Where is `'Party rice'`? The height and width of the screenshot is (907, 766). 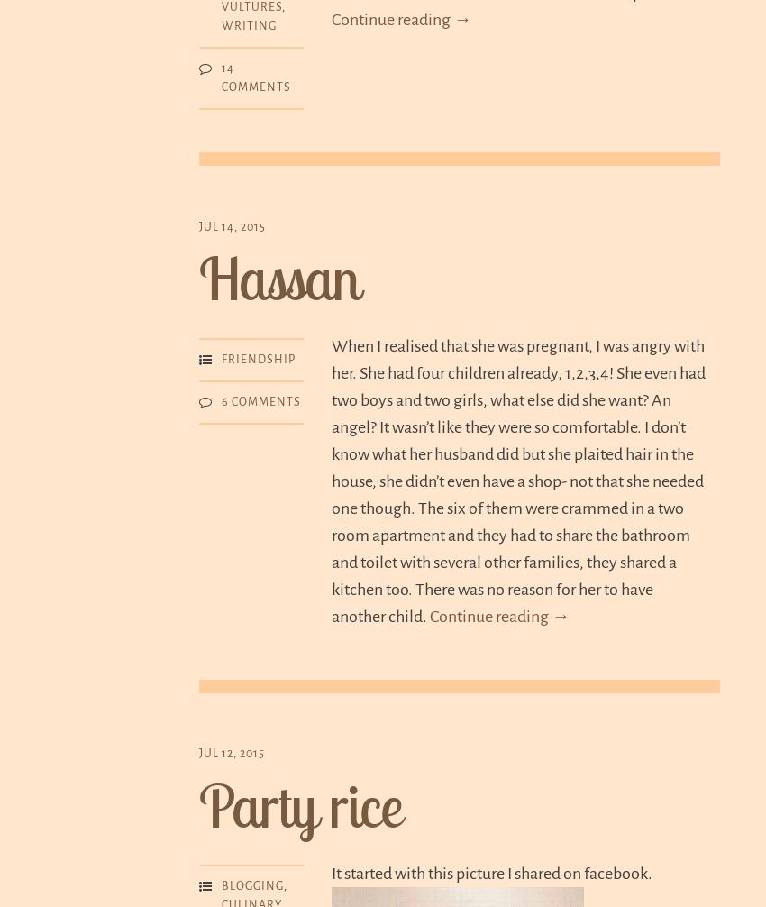 'Party rice' is located at coordinates (300, 805).